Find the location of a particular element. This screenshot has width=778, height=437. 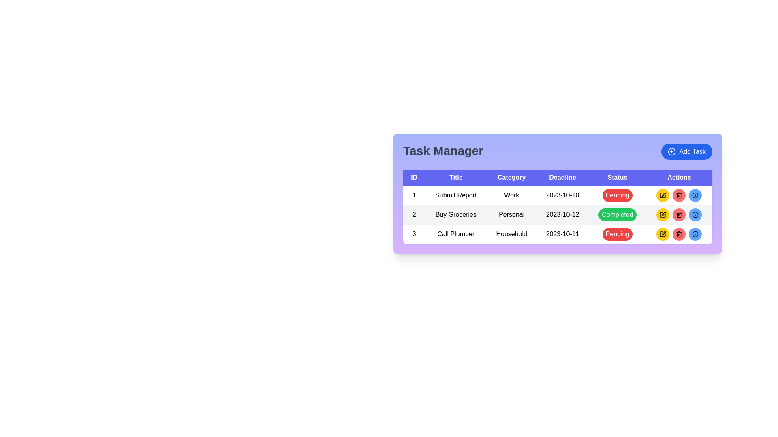

the 'Category' text label, which is styled with white text on a blue background and located in the header row of a table layout is located at coordinates (511, 177).